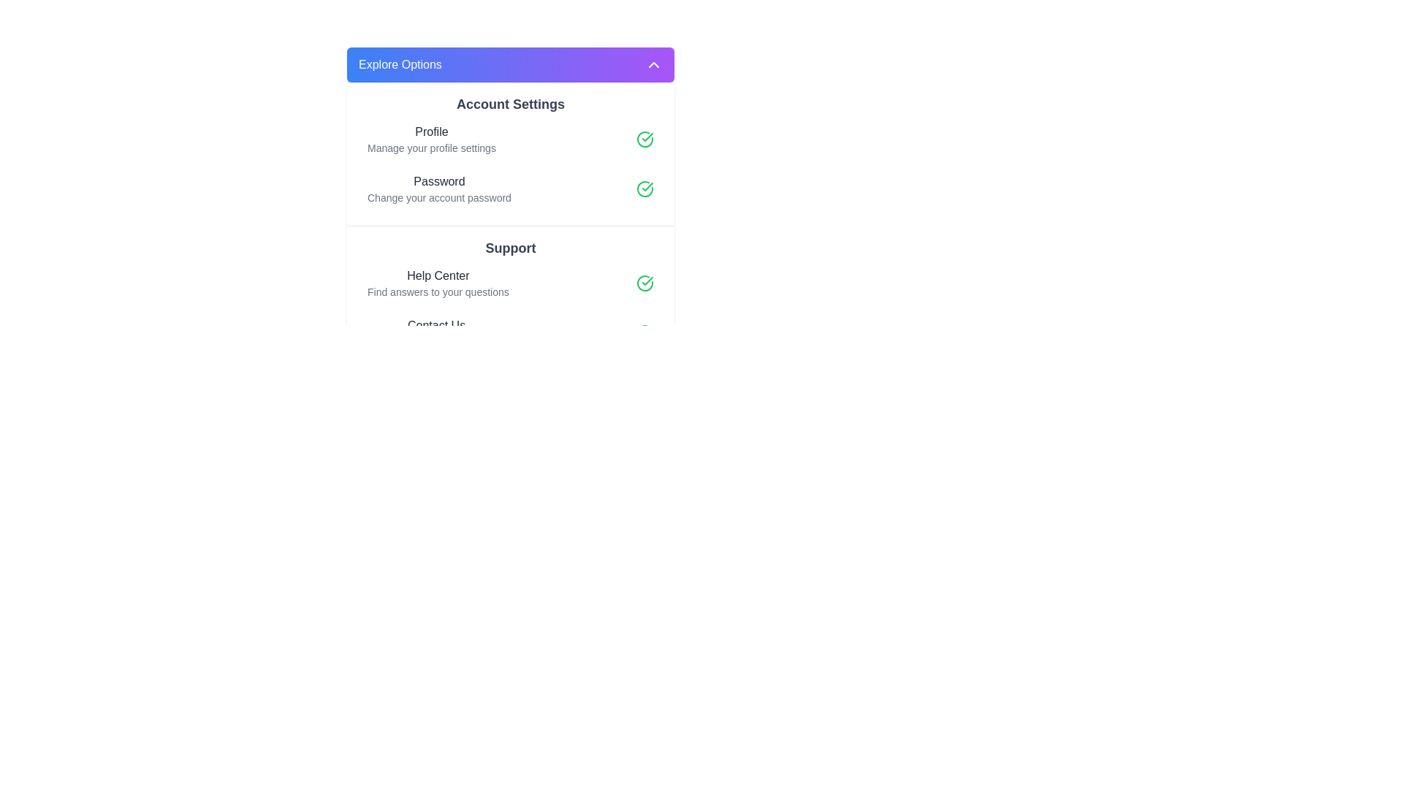 The width and height of the screenshot is (1403, 789). I want to click on the 'Contact Us' text label located in the 'Support' section, directly below the 'Help Center' text, which is styled in dark gray (#808080), so click(436, 325).